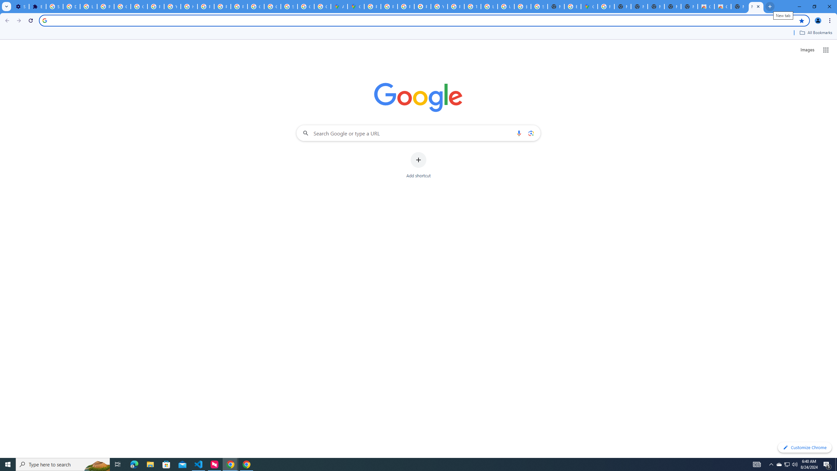 This screenshot has height=471, width=837. What do you see at coordinates (20, 6) in the screenshot?
I see `'Settings - On startup'` at bounding box center [20, 6].